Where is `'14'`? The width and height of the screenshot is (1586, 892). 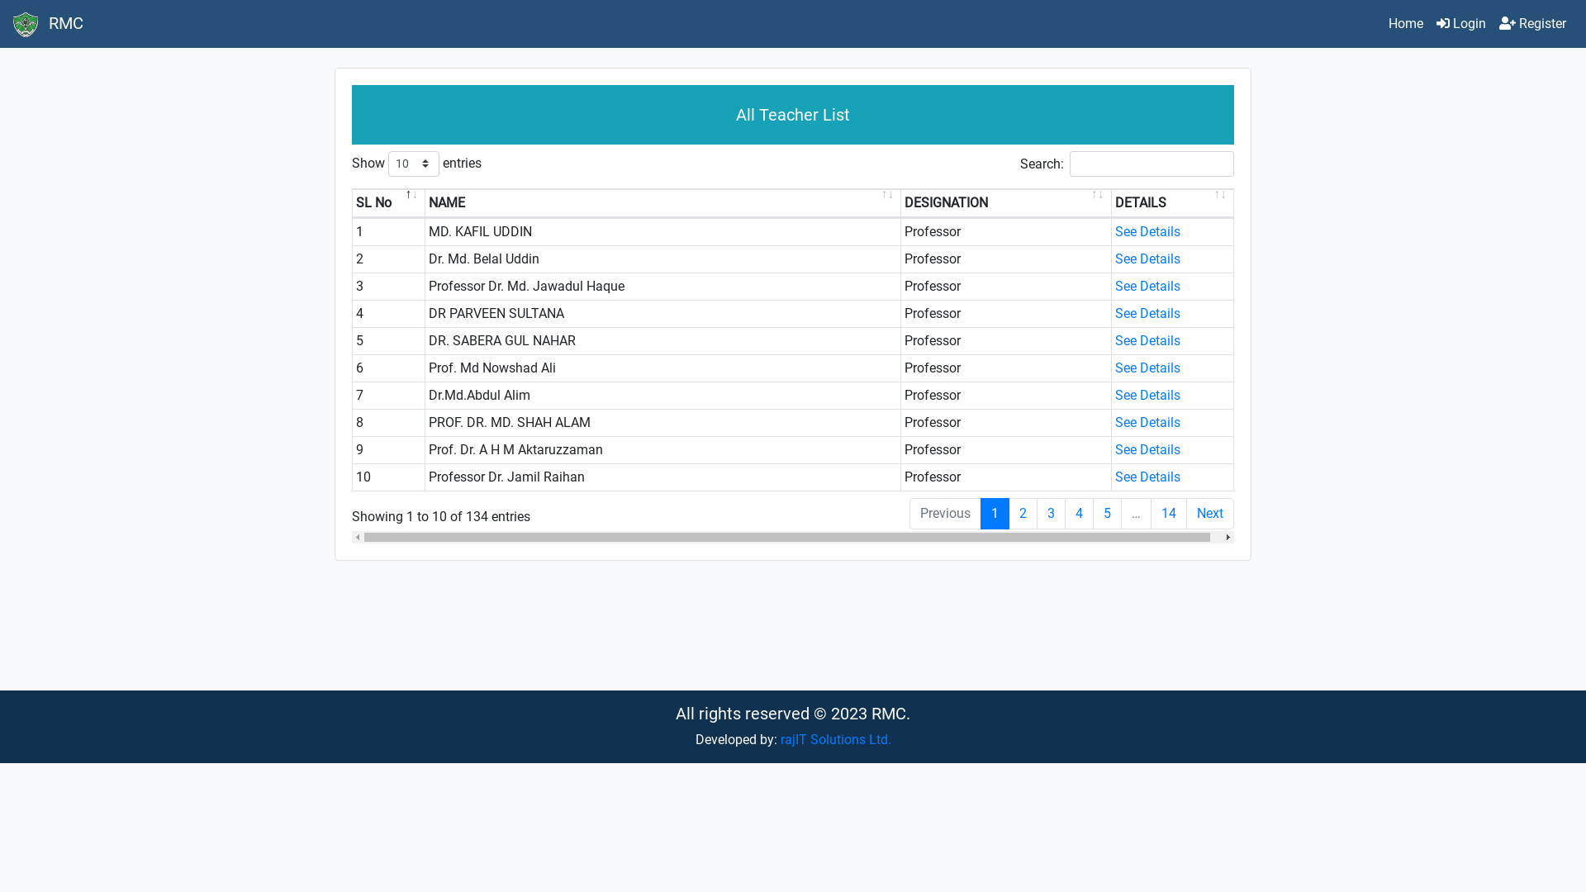
'14' is located at coordinates (1168, 512).